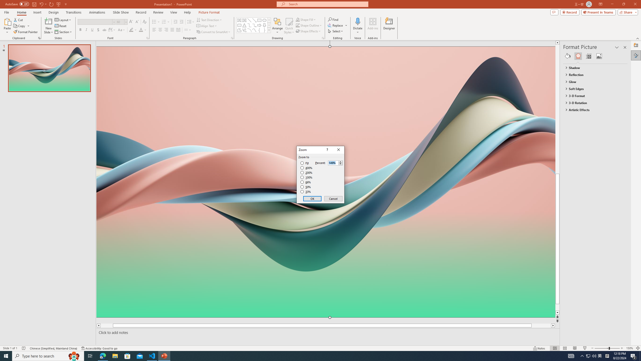 This screenshot has height=361, width=641. What do you see at coordinates (63, 32) in the screenshot?
I see `'Section'` at bounding box center [63, 32].